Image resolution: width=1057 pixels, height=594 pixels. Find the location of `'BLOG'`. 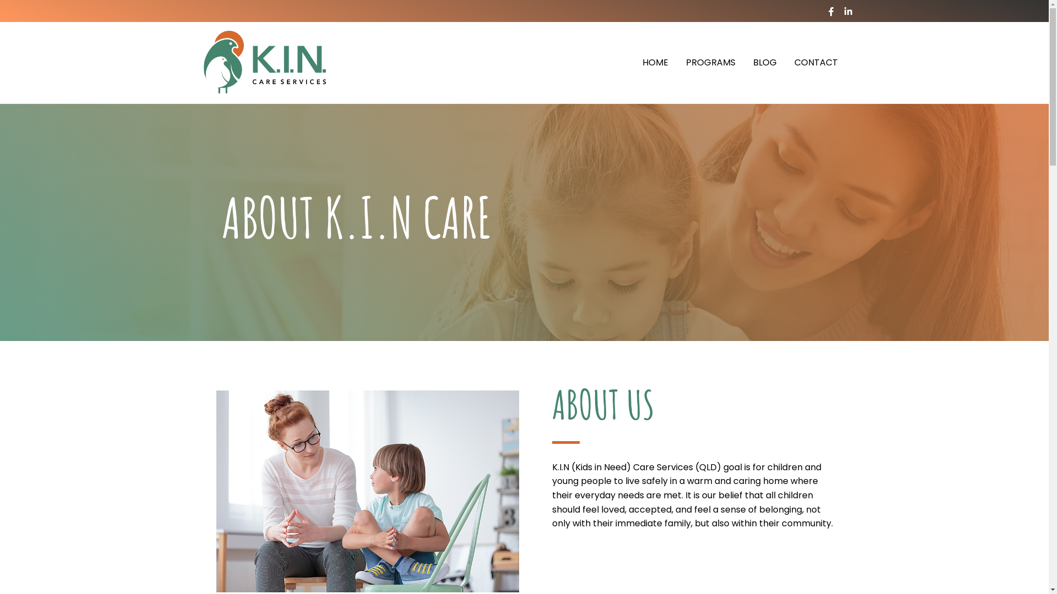

'BLOG' is located at coordinates (764, 63).